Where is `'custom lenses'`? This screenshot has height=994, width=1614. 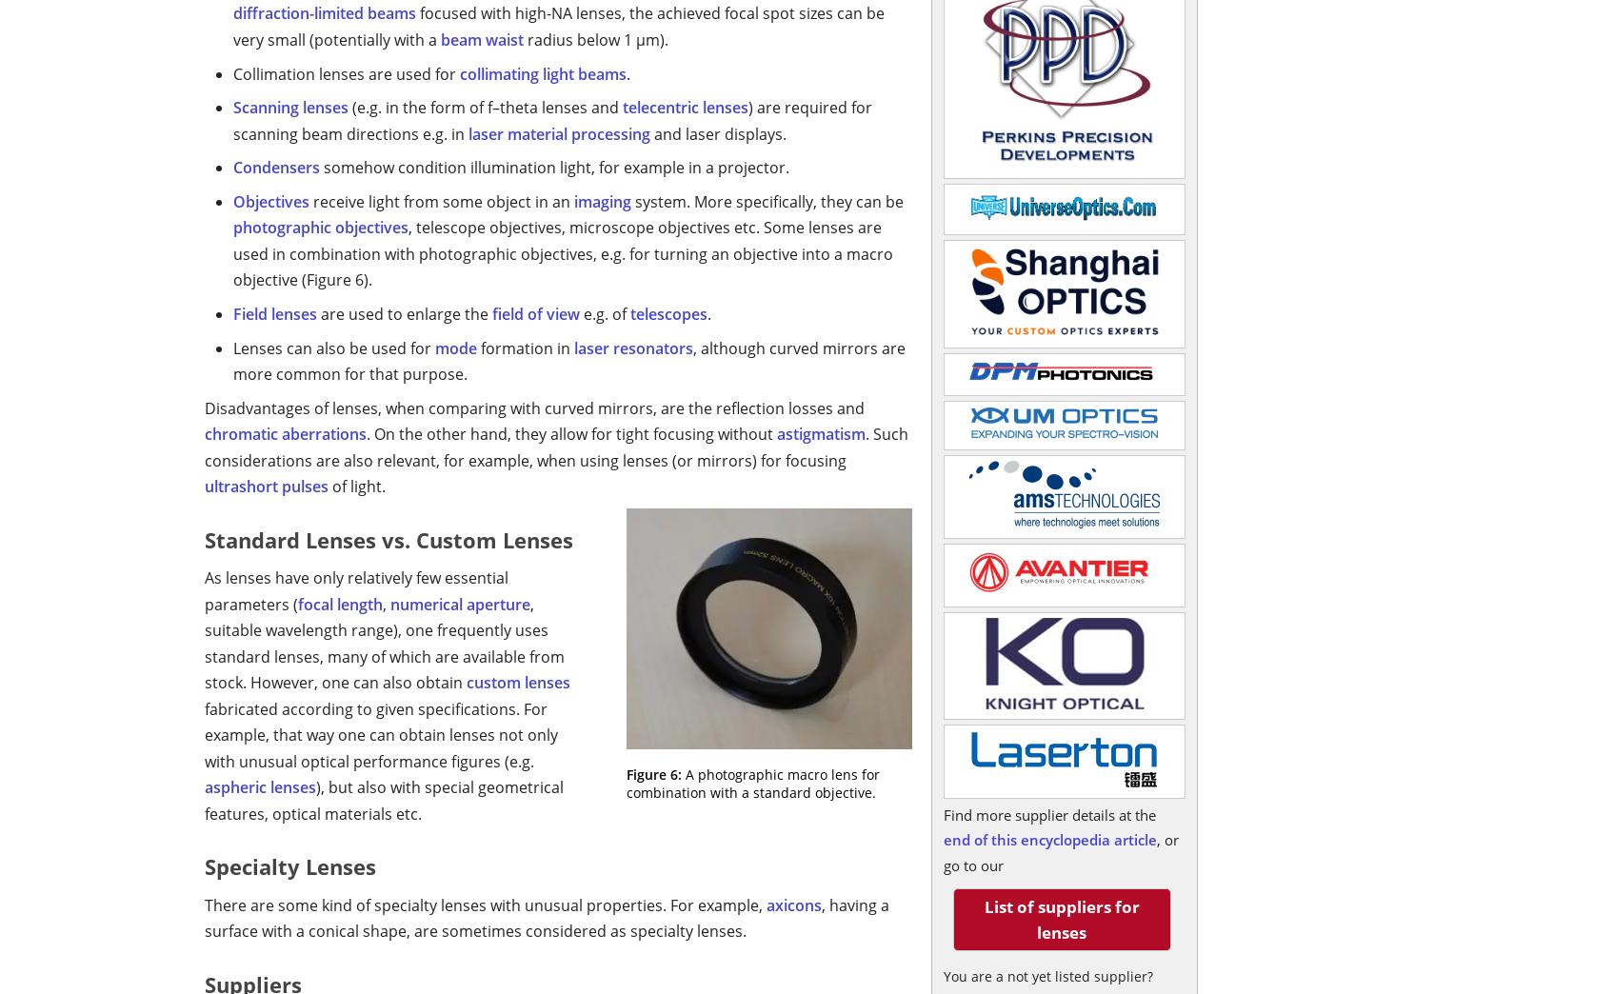 'custom lenses' is located at coordinates (518, 682).